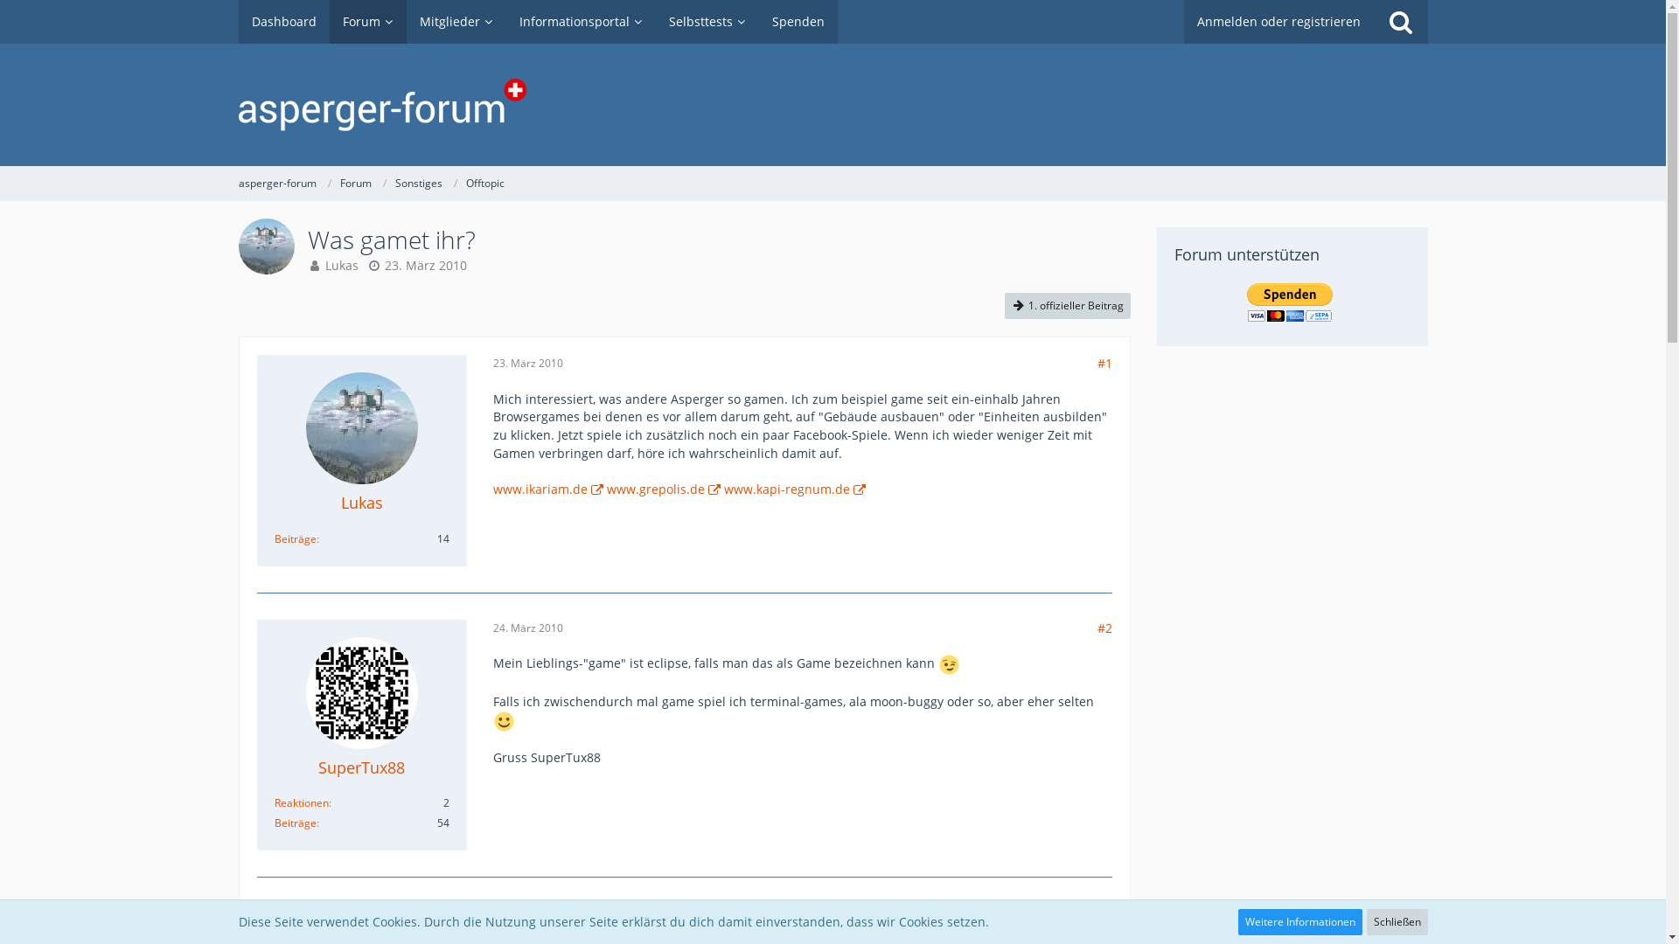 The width and height of the screenshot is (1679, 944). What do you see at coordinates (1103, 362) in the screenshot?
I see `'#1'` at bounding box center [1103, 362].